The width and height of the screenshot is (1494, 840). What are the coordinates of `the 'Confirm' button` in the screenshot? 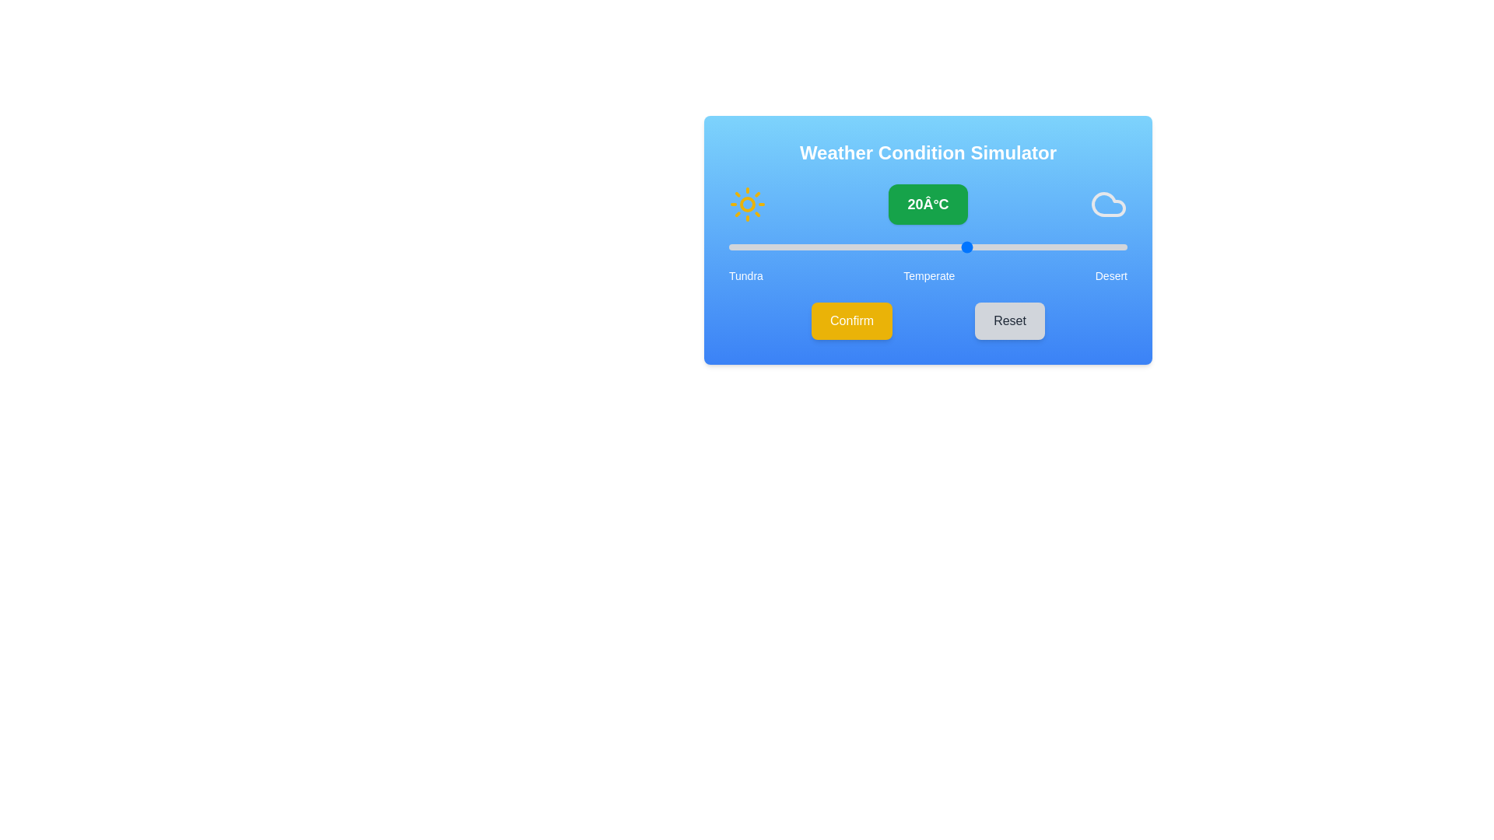 It's located at (850, 320).